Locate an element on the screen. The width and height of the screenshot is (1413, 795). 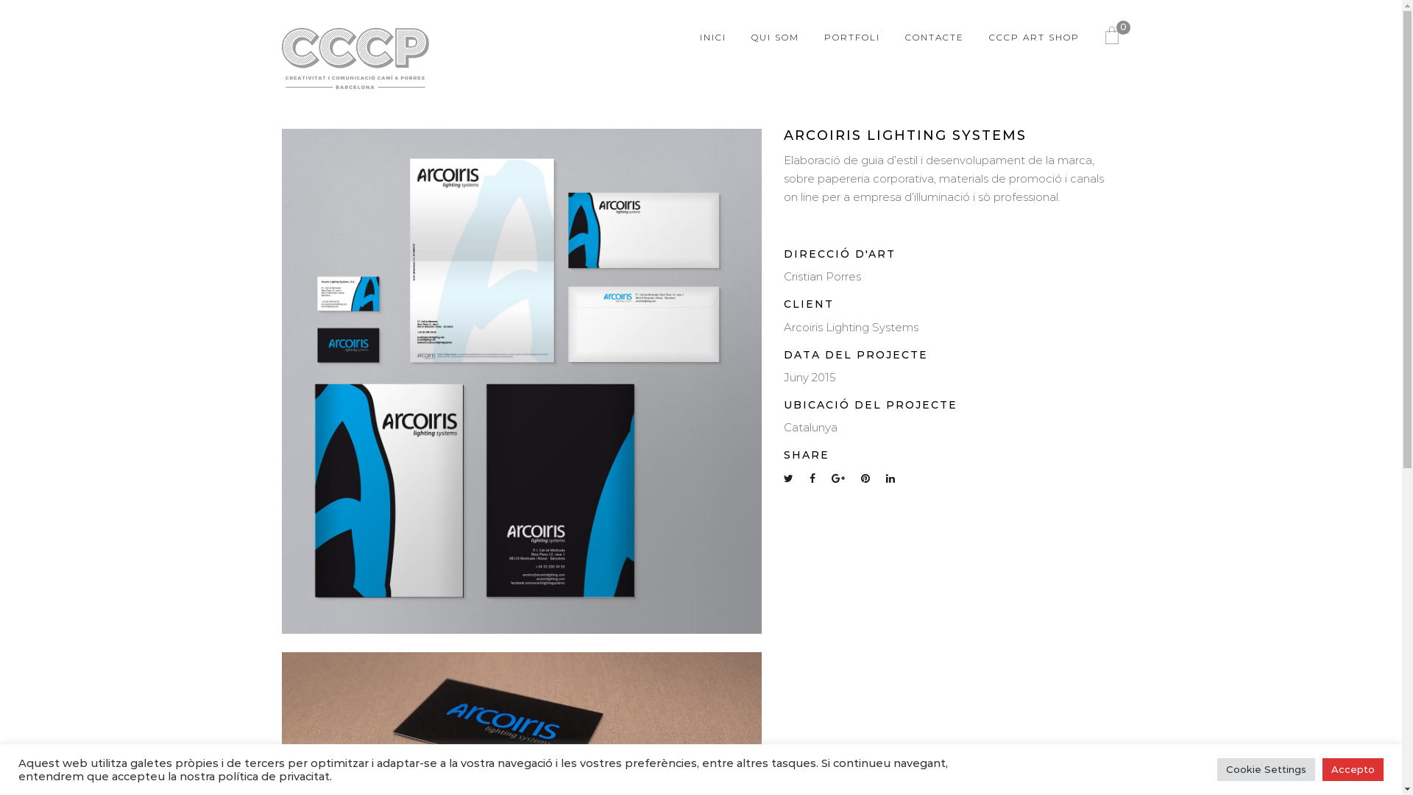
'PORTFOLI' is located at coordinates (851, 36).